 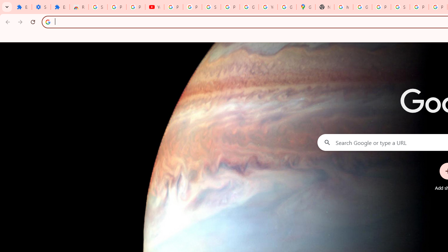 I want to click on 'Google Account', so click(x=249, y=7).